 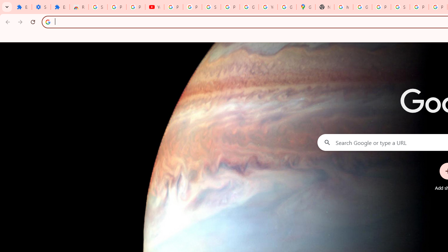 I want to click on 'Google Account', so click(x=249, y=7).